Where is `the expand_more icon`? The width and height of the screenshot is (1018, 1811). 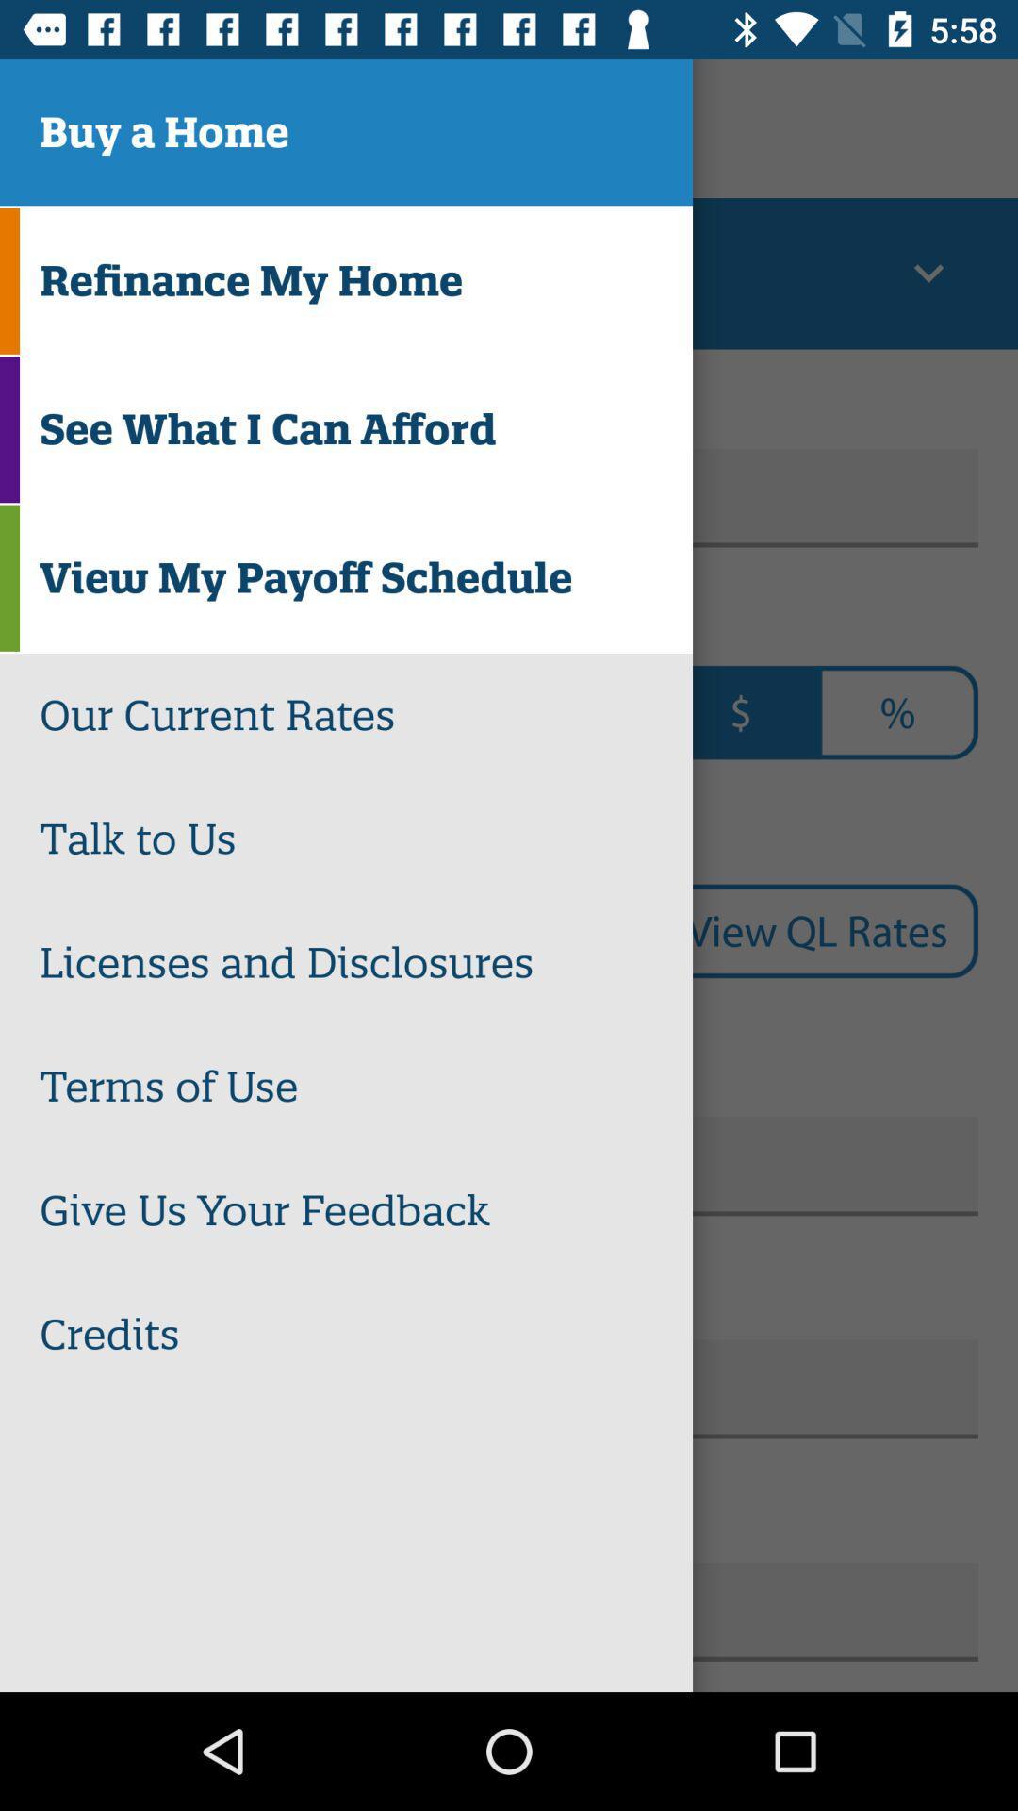 the expand_more icon is located at coordinates (928, 273).